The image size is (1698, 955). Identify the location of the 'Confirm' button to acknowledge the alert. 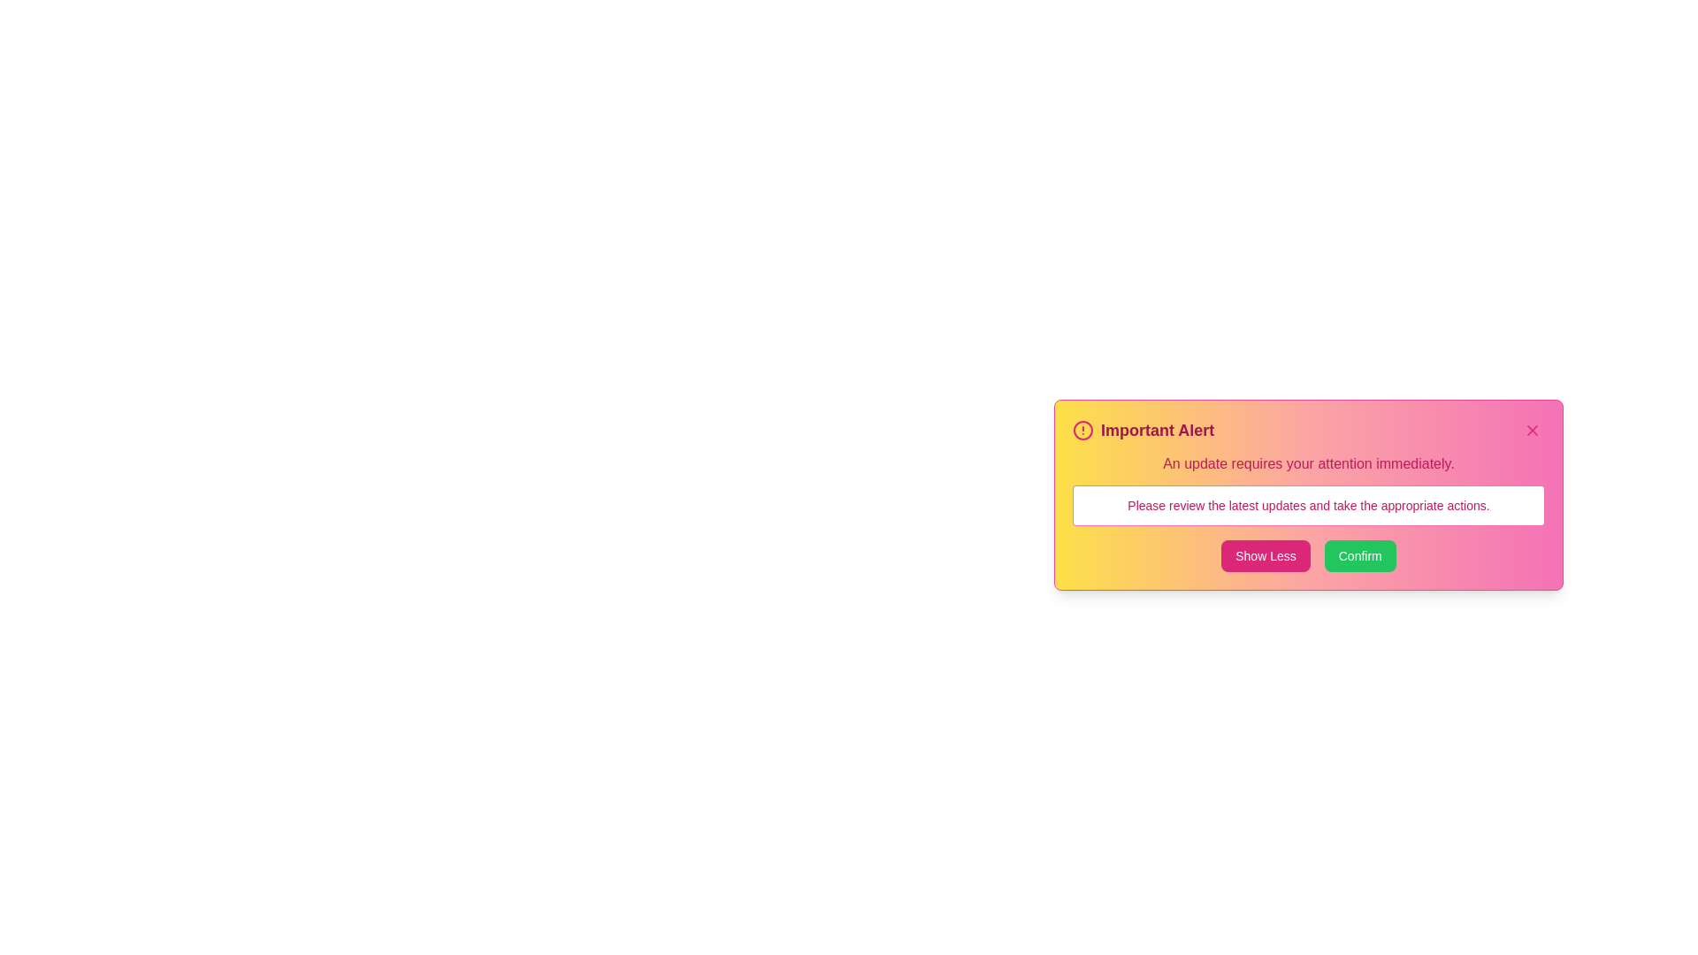
(1358, 554).